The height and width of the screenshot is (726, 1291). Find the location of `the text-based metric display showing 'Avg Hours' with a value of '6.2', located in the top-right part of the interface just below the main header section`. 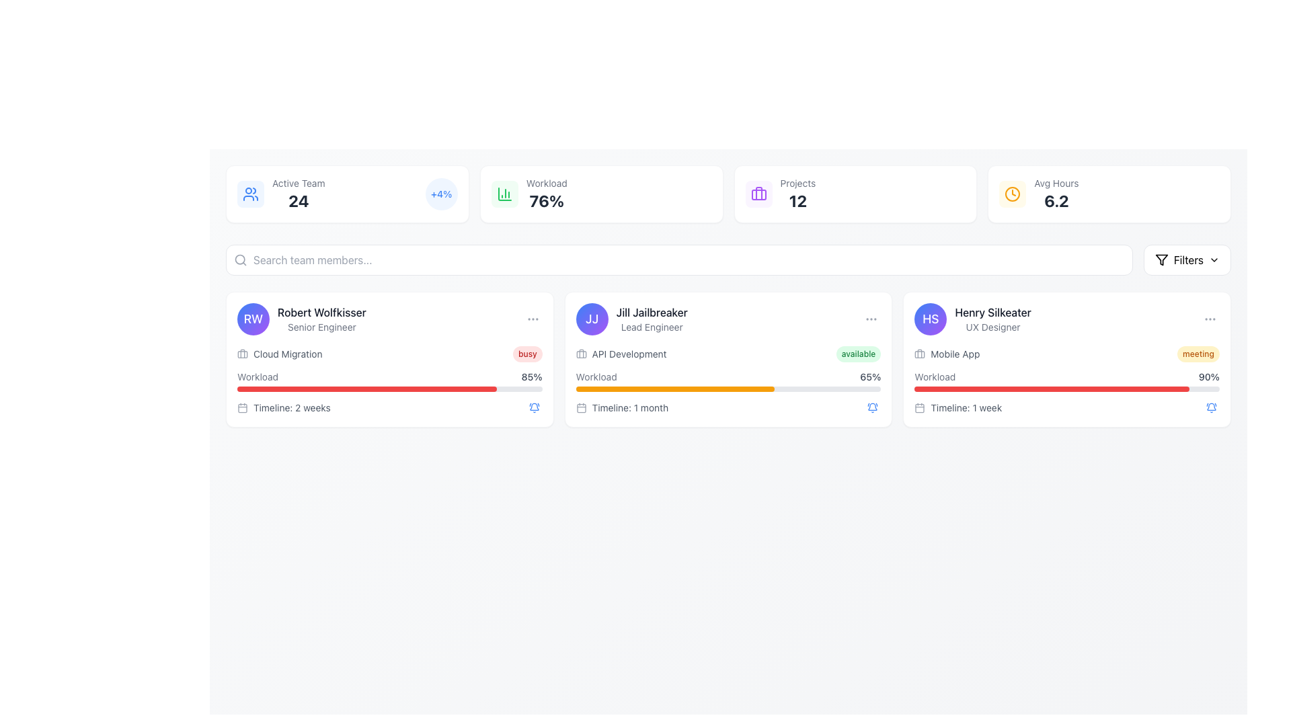

the text-based metric display showing 'Avg Hours' with a value of '6.2', located in the top-right part of the interface just below the main header section is located at coordinates (1056, 194).